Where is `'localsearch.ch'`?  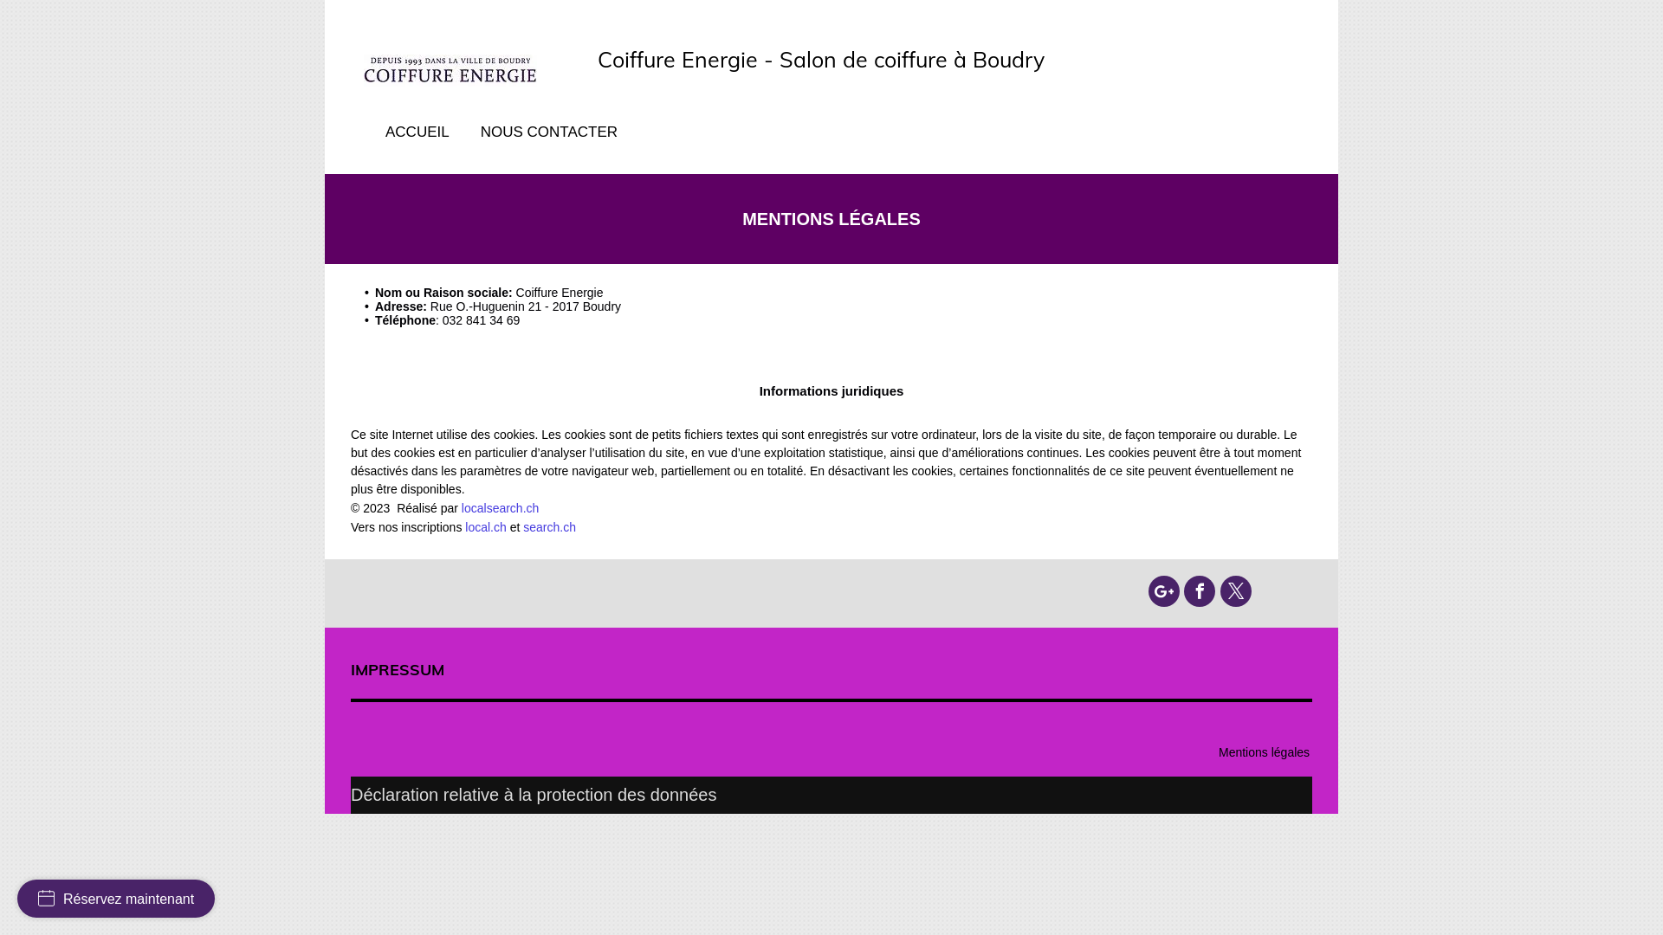
'localsearch.ch' is located at coordinates (499, 506).